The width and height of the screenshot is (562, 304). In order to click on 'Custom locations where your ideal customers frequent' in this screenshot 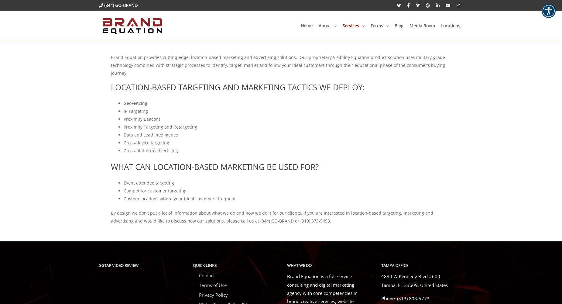, I will do `click(123, 198)`.